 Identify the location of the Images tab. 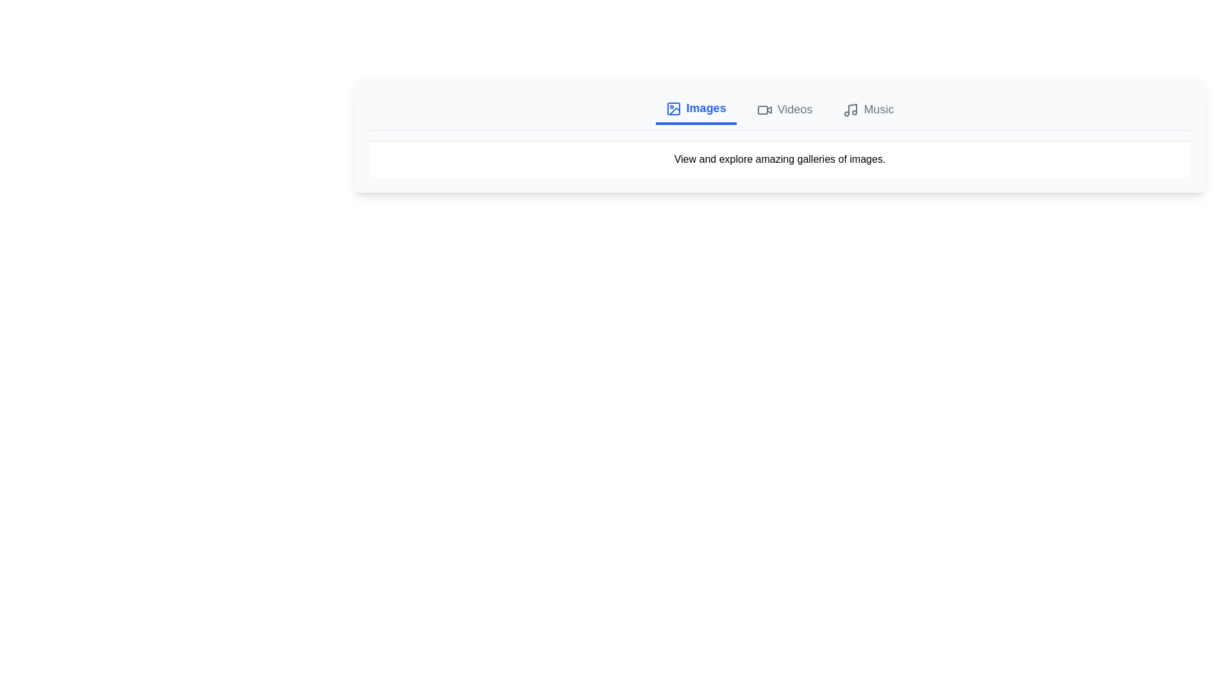
(695, 108).